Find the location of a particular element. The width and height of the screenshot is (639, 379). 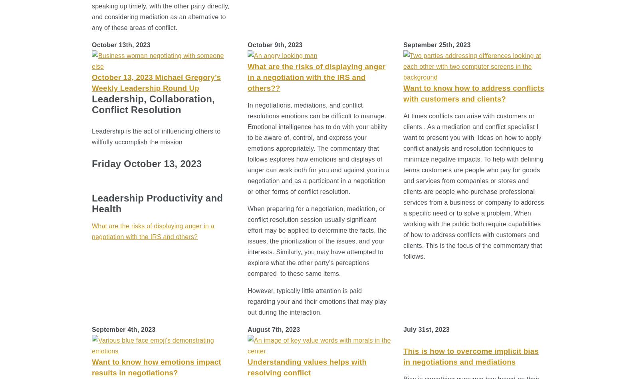

'This is how to overcome implicit bias in negotiations and mediations' is located at coordinates (471, 356).